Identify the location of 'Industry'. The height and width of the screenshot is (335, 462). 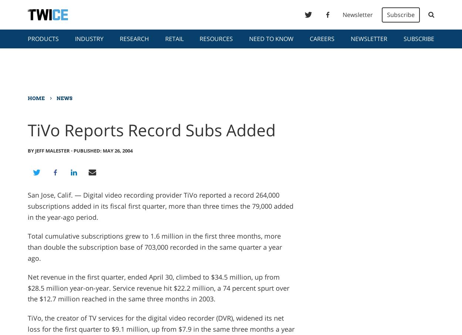
(88, 38).